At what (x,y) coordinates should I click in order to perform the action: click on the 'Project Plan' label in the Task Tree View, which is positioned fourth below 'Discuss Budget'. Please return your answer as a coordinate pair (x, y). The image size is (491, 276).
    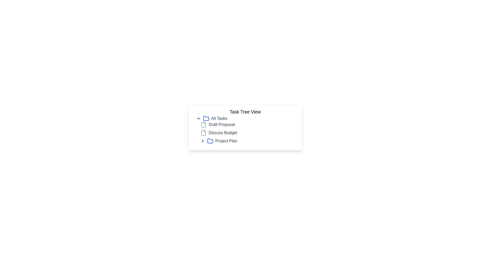
    Looking at the image, I should click on (226, 141).